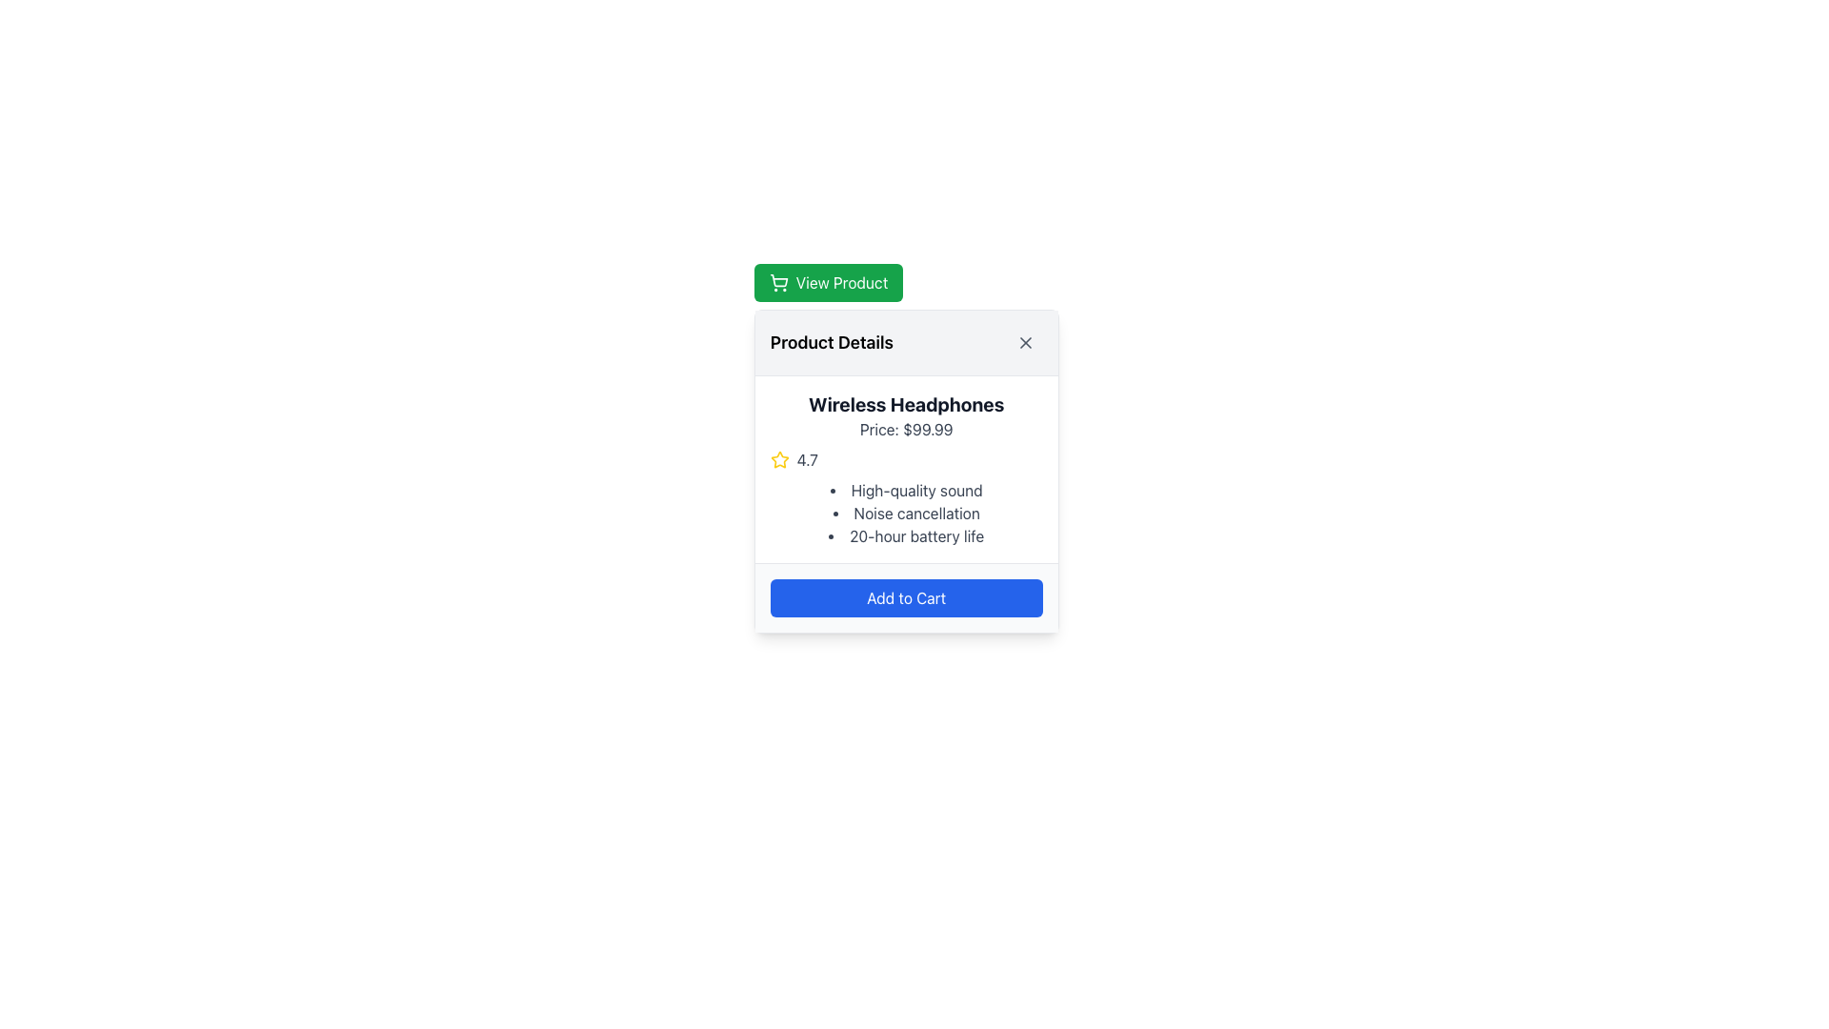 The width and height of the screenshot is (1829, 1029). Describe the element at coordinates (1024, 341) in the screenshot. I see `the close button, which is an SVG icon embedded in a light gray circular button located in the top-right corner of the 'Product Details' modal dialog` at that location.